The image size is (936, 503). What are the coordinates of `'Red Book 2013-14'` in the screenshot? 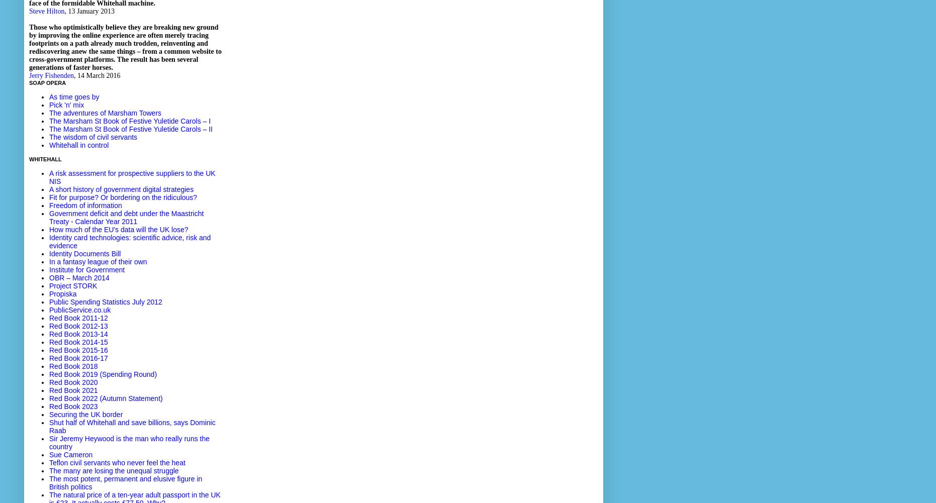 It's located at (49, 333).